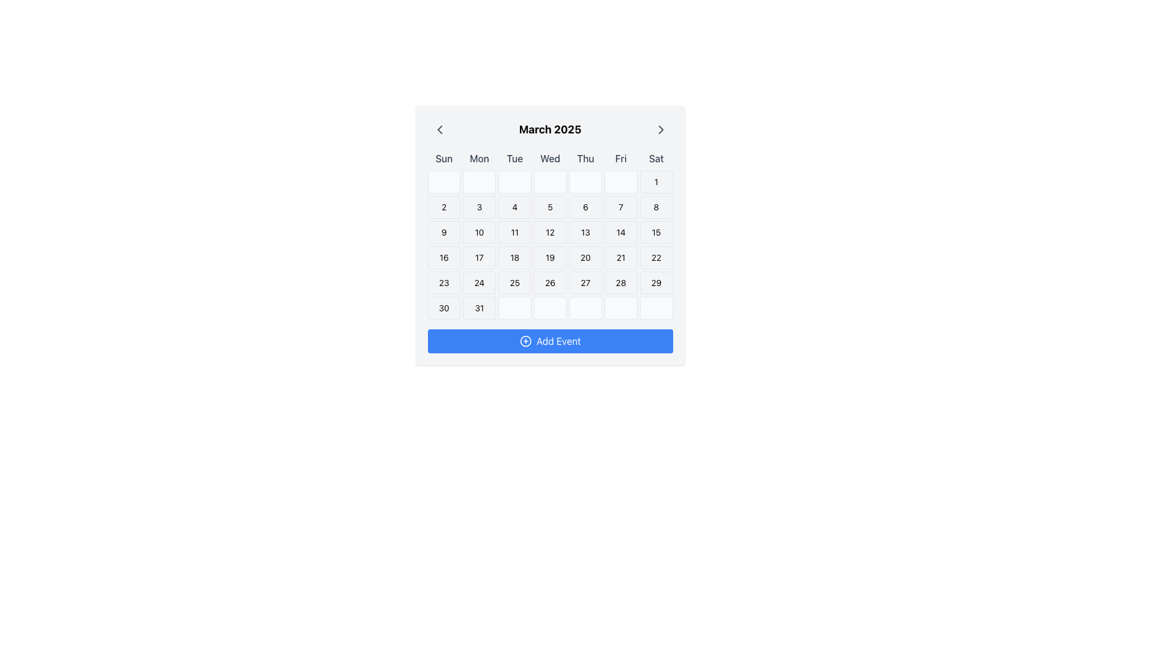 The width and height of the screenshot is (1154, 649). I want to click on the Button-like cell representing the date '22' in the calendar grid layout located in the last row and sixth column, so click(656, 257).